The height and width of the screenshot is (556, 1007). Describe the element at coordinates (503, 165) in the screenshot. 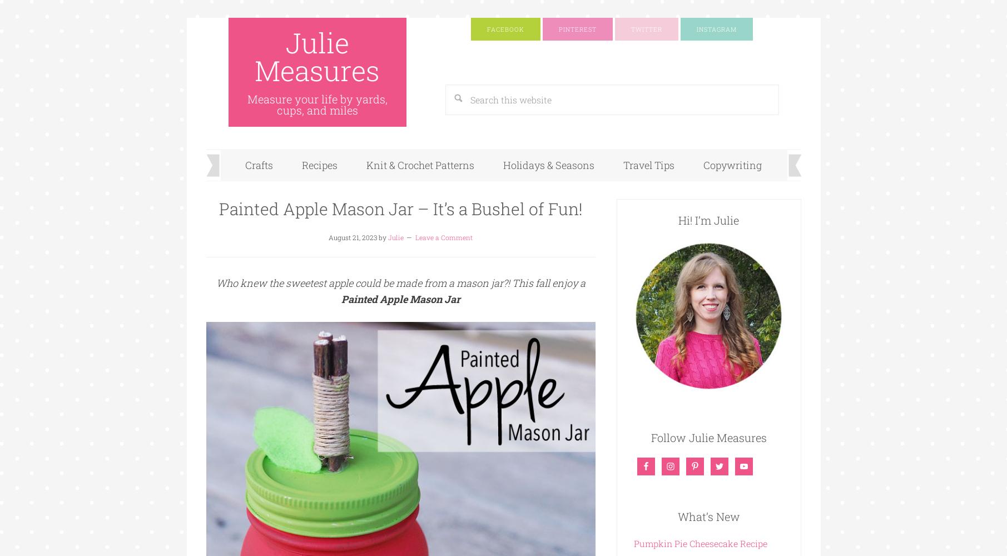

I see `'Holidays & Seasons'` at that location.